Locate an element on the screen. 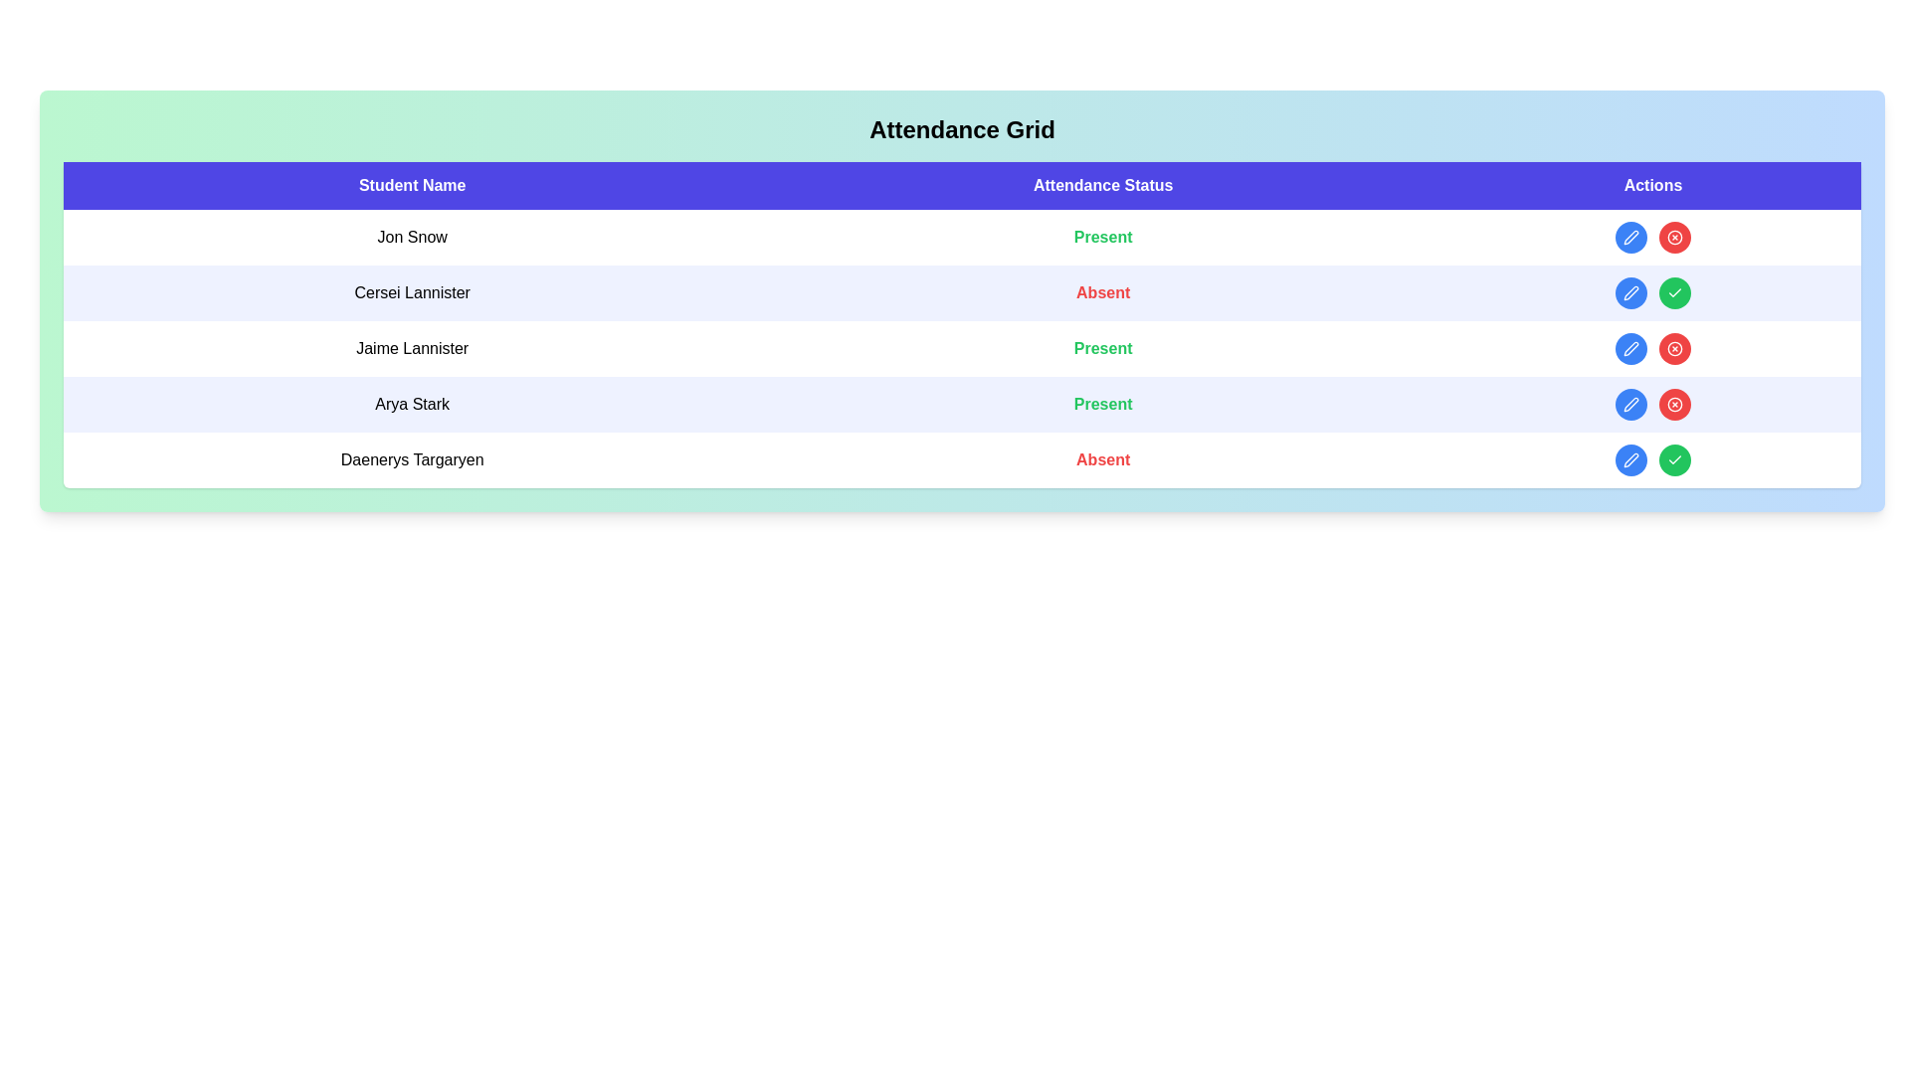 This screenshot has width=1910, height=1074. edit button for the student identified by Cersei Lannister is located at coordinates (1631, 292).